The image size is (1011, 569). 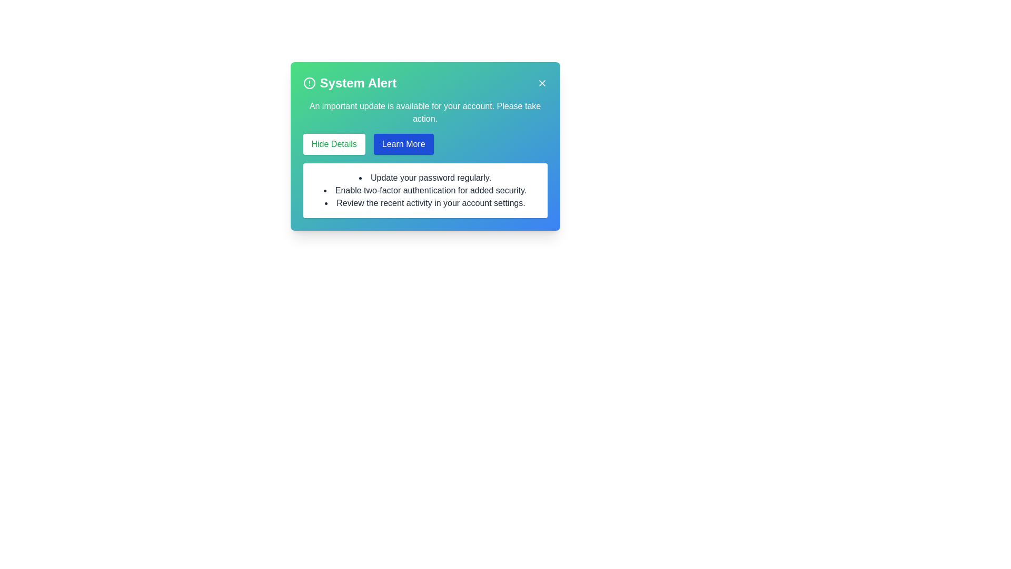 I want to click on the static text item reading 'Update your password regularly.' which is the first item in a bulleted list within the 'System Alert' panel, so click(x=425, y=178).